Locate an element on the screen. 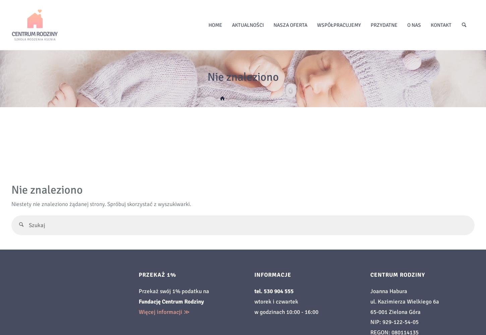  'w godzinach 10:00 - 16:00' is located at coordinates (286, 312).